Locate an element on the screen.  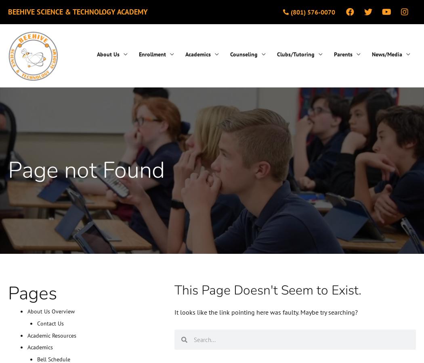
'Apple Distinguished School iBook' is located at coordinates (367, 130).